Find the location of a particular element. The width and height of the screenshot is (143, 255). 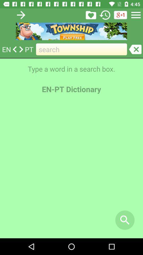

move page forward is located at coordinates (21, 15).